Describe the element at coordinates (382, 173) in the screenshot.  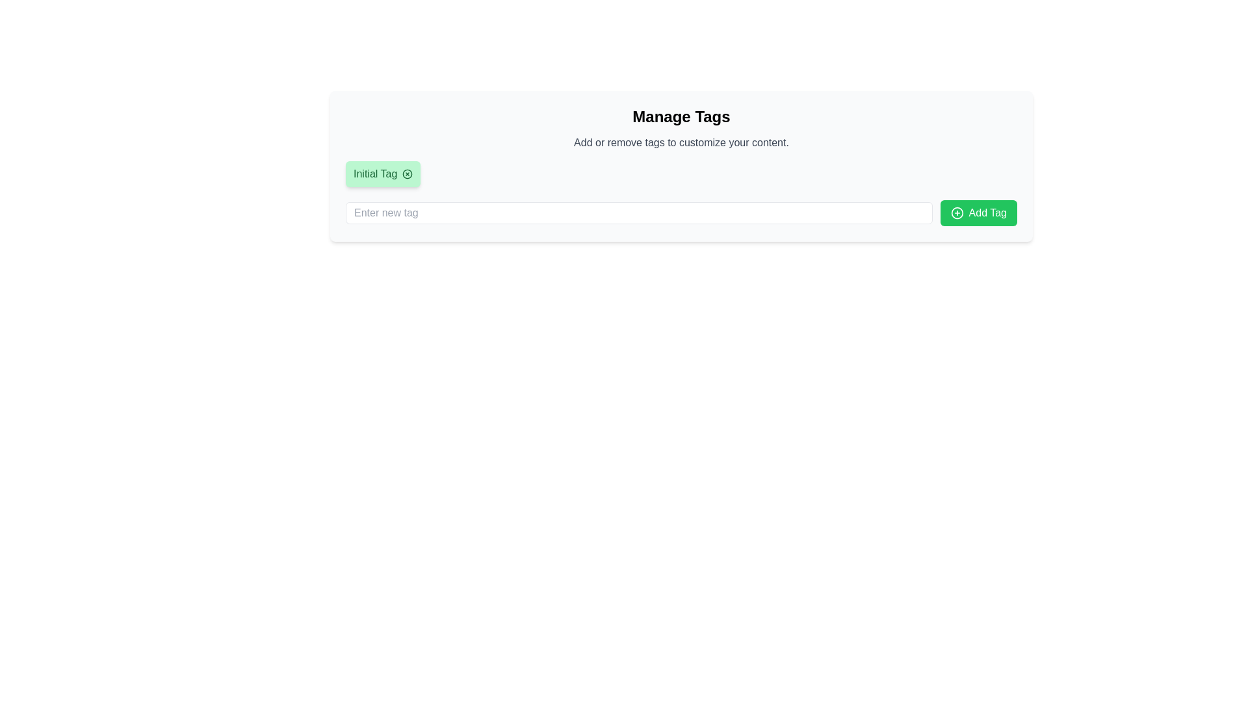
I see `the close icon of the leftmost tag element located below the 'Manage Tags' title` at that location.